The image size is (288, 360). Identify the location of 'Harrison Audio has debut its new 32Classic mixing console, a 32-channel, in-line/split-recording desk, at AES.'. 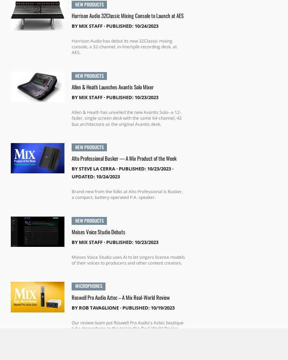
(124, 46).